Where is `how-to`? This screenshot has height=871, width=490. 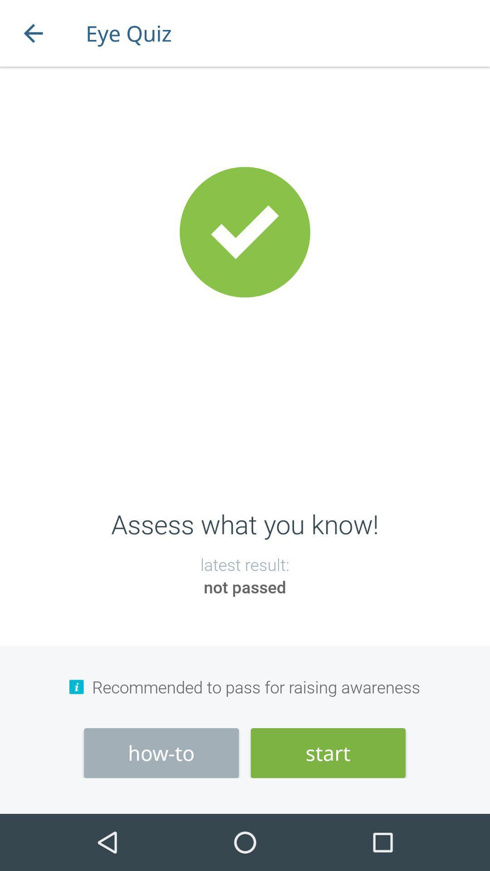
how-to is located at coordinates (161, 753).